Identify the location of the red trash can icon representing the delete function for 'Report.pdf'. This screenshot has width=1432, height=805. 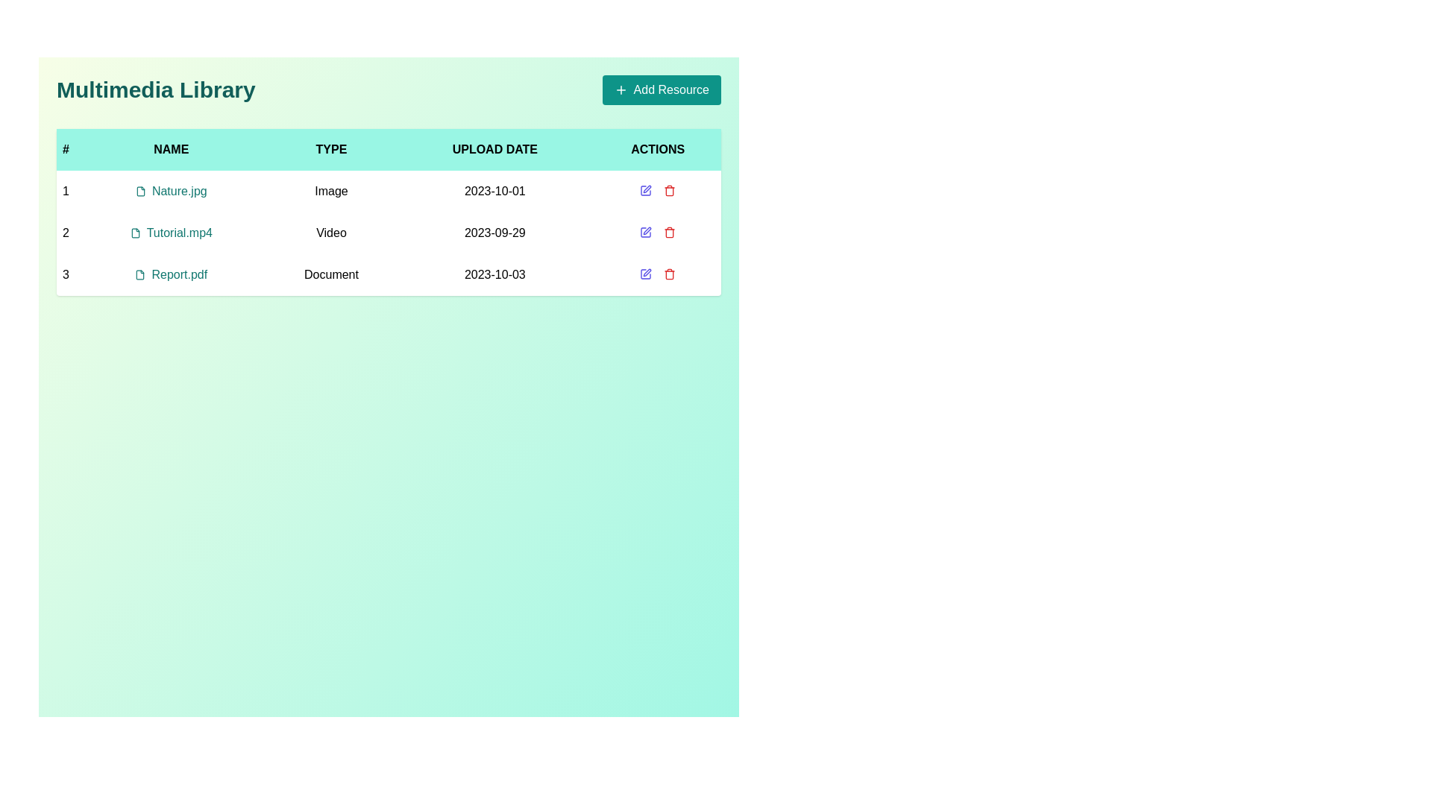
(669, 274).